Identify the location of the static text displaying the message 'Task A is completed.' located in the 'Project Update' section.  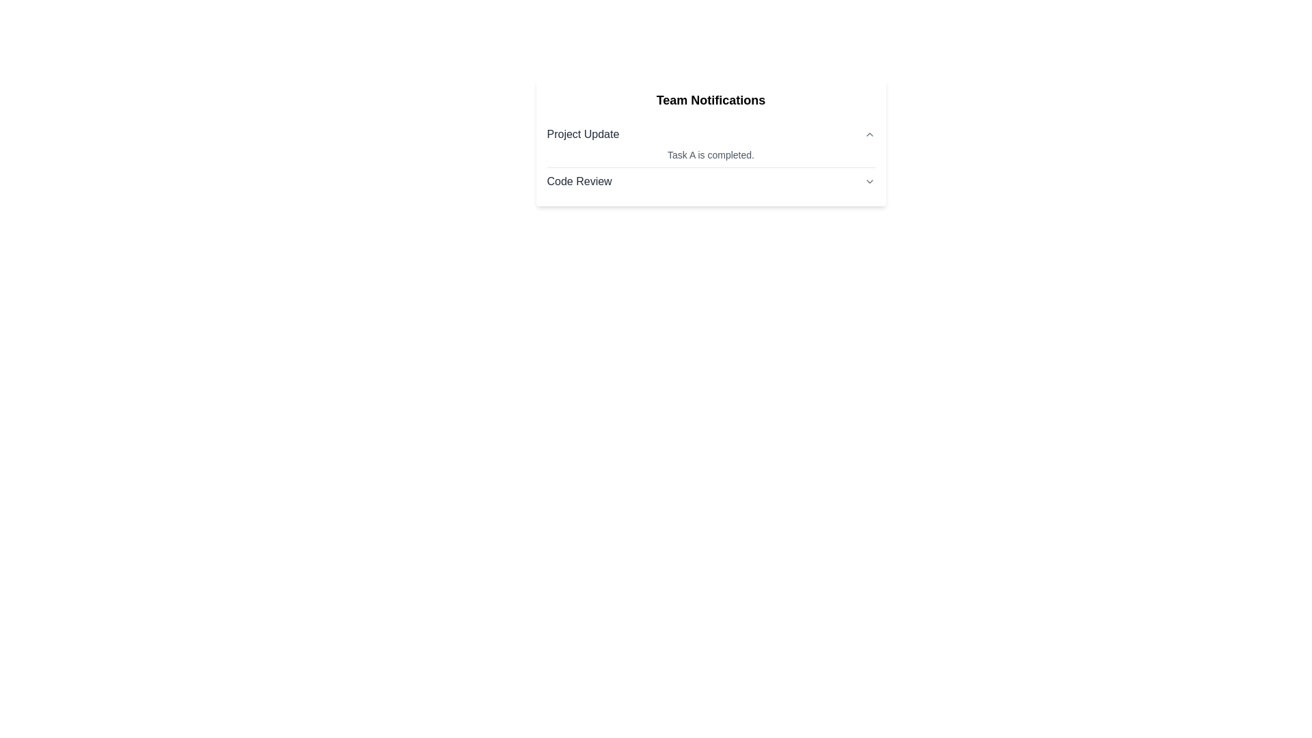
(711, 154).